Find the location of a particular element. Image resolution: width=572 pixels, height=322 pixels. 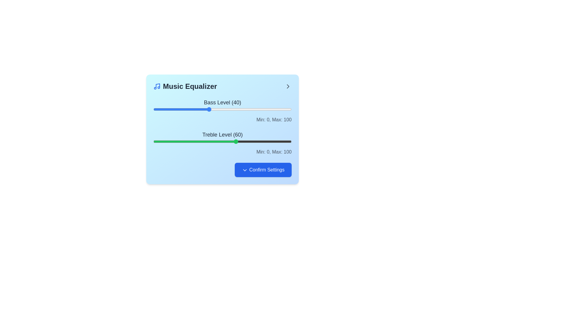

the Bass Level slider is located at coordinates (213, 109).